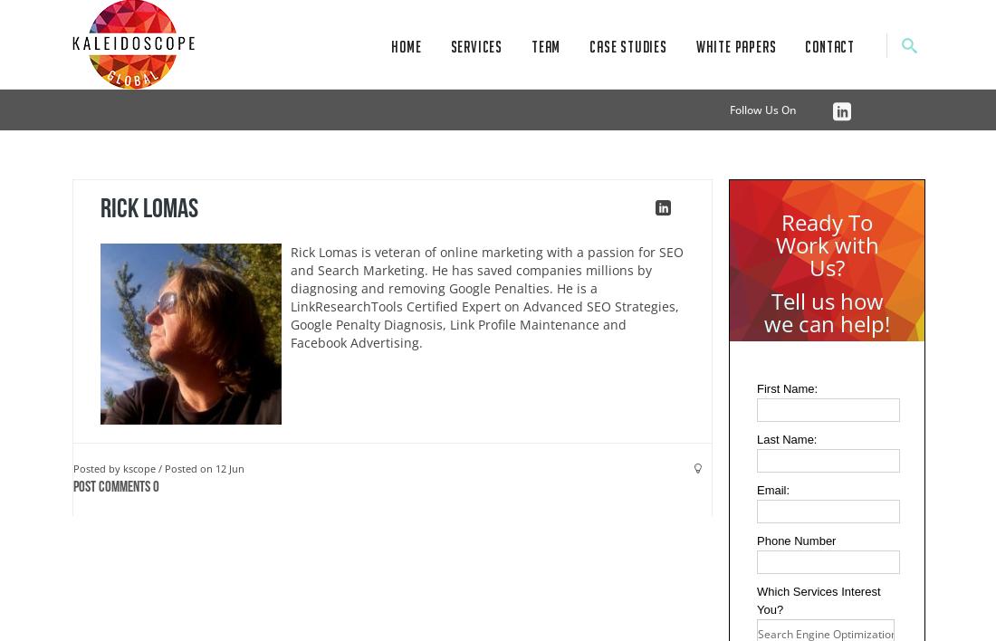  I want to click on 'Phone Number', so click(795, 541).